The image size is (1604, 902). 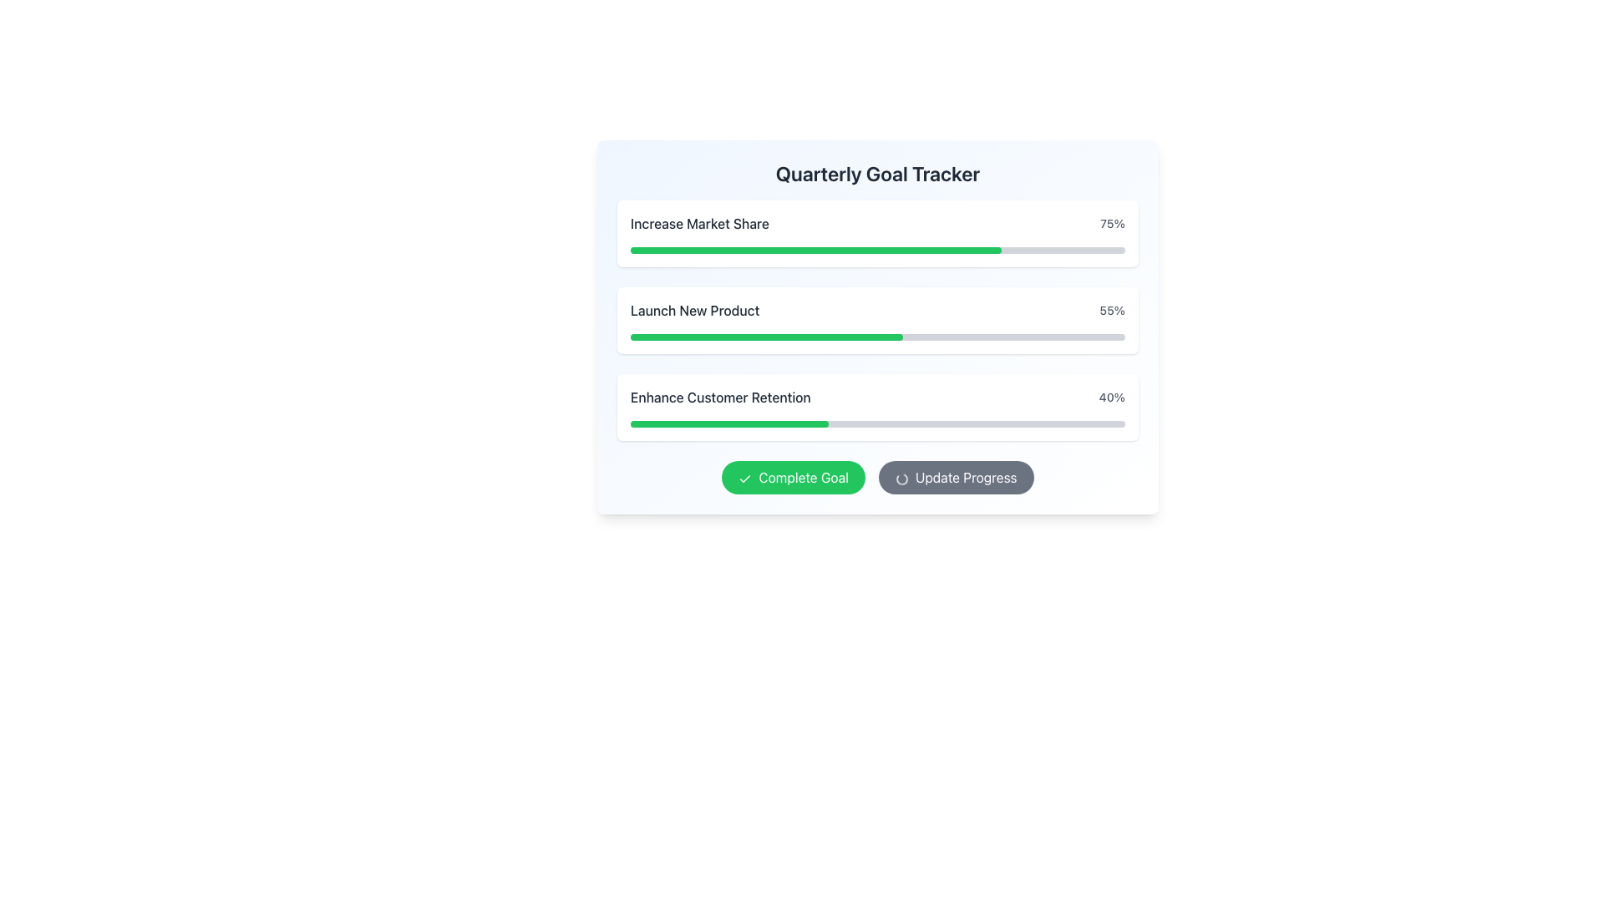 I want to click on text element displaying 'Launch New Product' which is left-aligned within the progress tracker item labeled '55%', so click(x=695, y=310).